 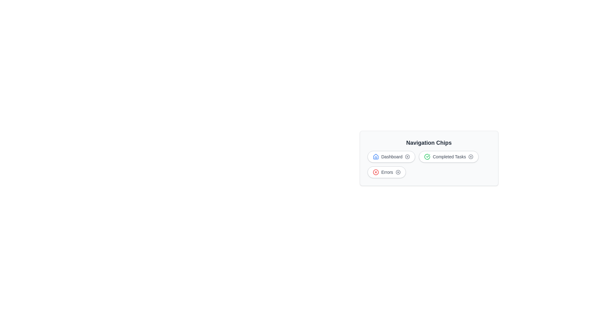 What do you see at coordinates (391, 156) in the screenshot?
I see `the text label of the chip labeled Dashboard` at bounding box center [391, 156].